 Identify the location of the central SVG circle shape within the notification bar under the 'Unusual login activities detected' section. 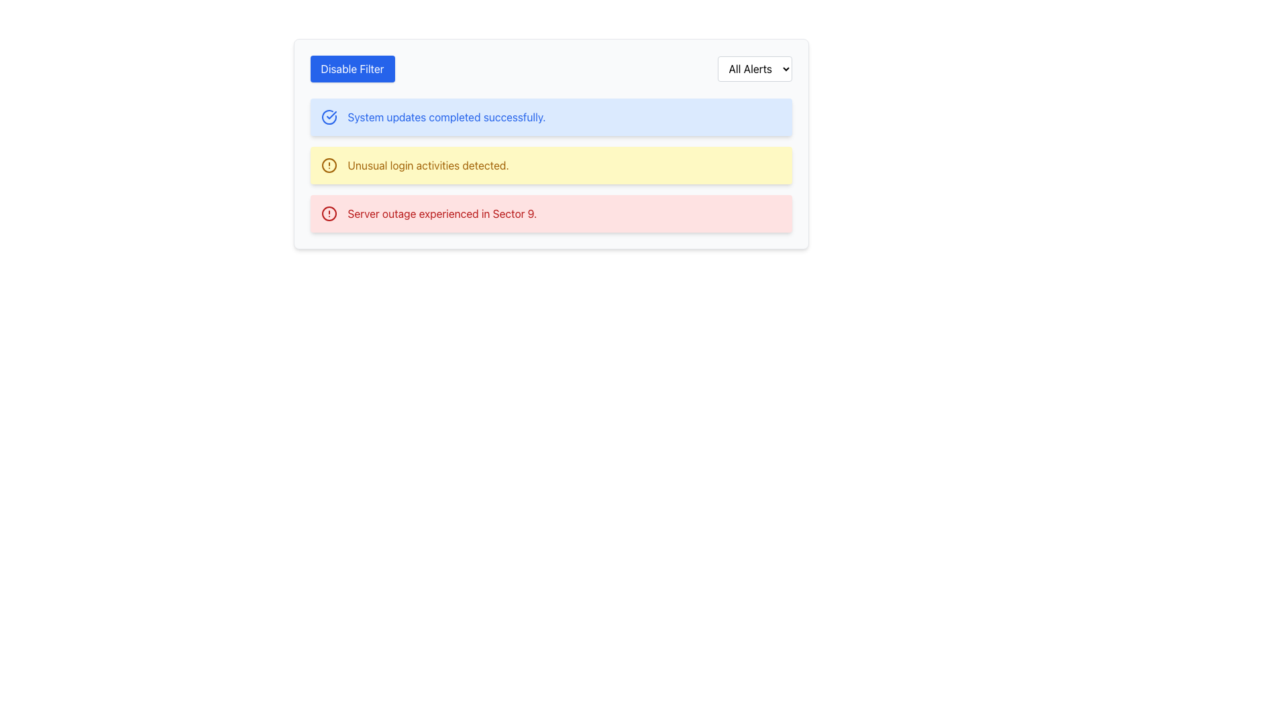
(329, 164).